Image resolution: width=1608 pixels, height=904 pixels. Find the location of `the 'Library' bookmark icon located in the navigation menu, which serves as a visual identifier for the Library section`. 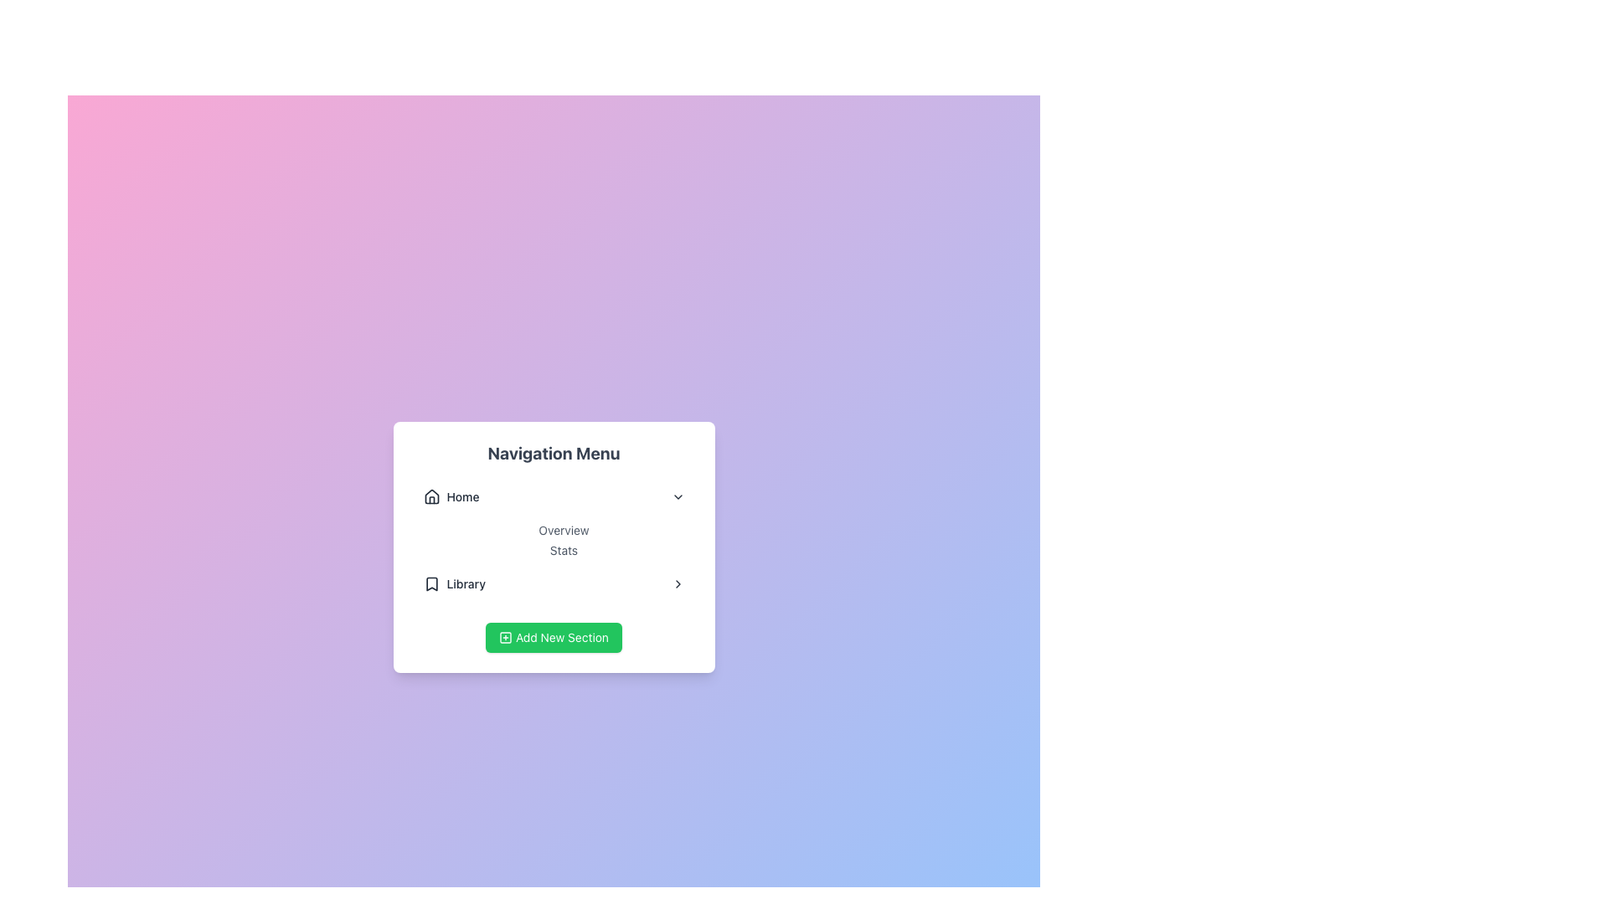

the 'Library' bookmark icon located in the navigation menu, which serves as a visual identifier for the Library section is located at coordinates (430, 583).